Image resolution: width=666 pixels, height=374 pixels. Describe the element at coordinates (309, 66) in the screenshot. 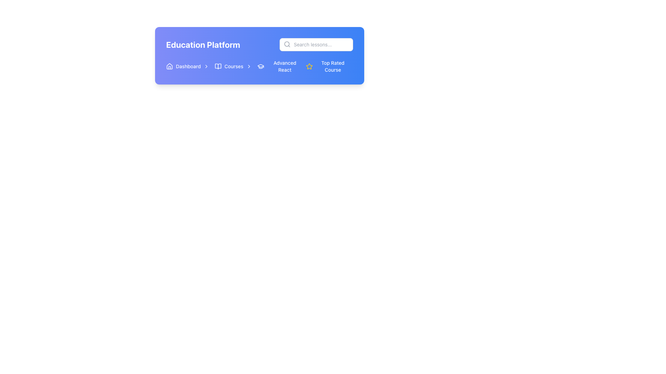

I see `the star-shaped icon with a yellow outline from its current position` at that location.